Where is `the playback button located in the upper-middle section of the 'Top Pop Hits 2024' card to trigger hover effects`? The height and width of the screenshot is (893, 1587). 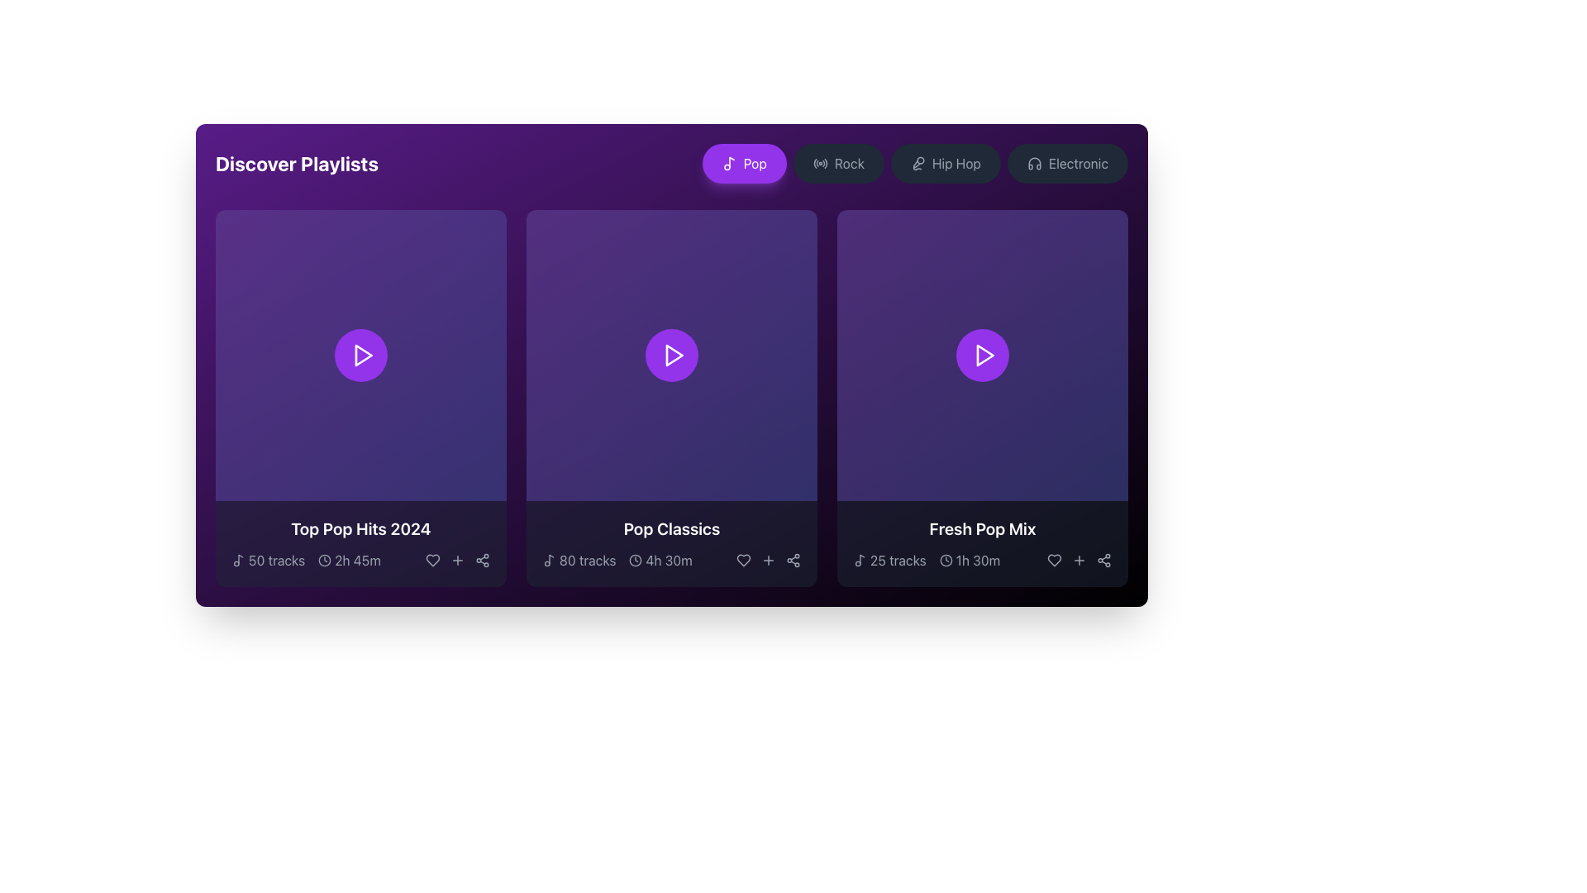
the playback button located in the upper-middle section of the 'Top Pop Hits 2024' card to trigger hover effects is located at coordinates (360, 354).